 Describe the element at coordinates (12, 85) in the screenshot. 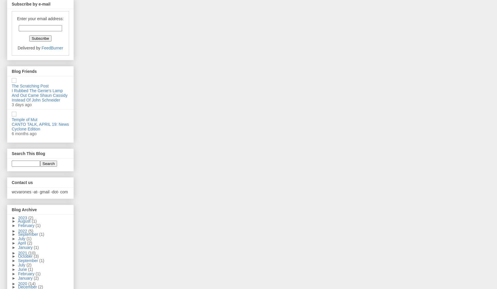

I see `'The Scratching Post'` at that location.